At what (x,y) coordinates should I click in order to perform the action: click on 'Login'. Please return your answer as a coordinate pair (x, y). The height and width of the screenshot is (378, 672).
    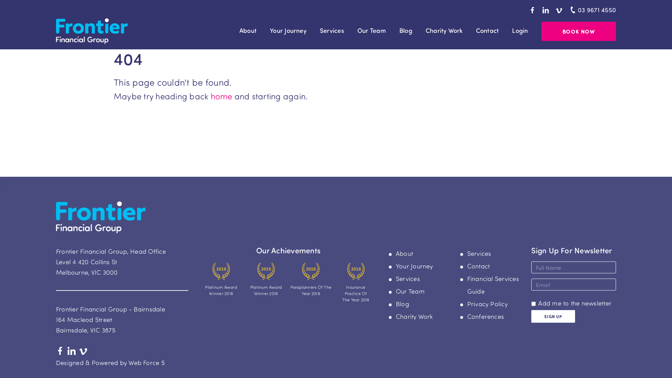
    Looking at the image, I should click on (520, 30).